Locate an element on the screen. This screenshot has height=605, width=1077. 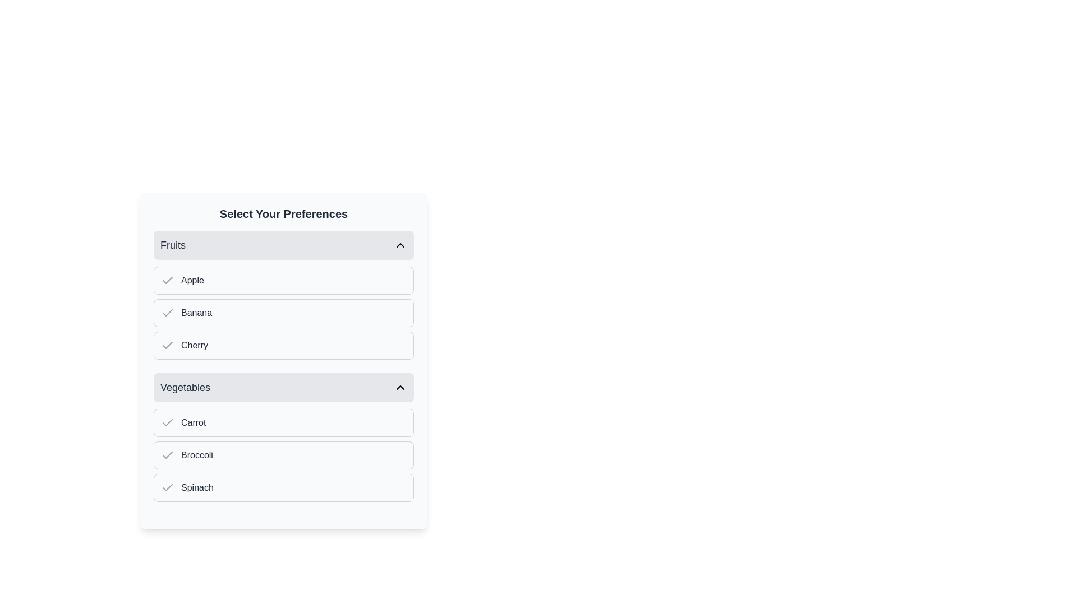
the selectable list item labeled 'Apple' is located at coordinates (283, 280).